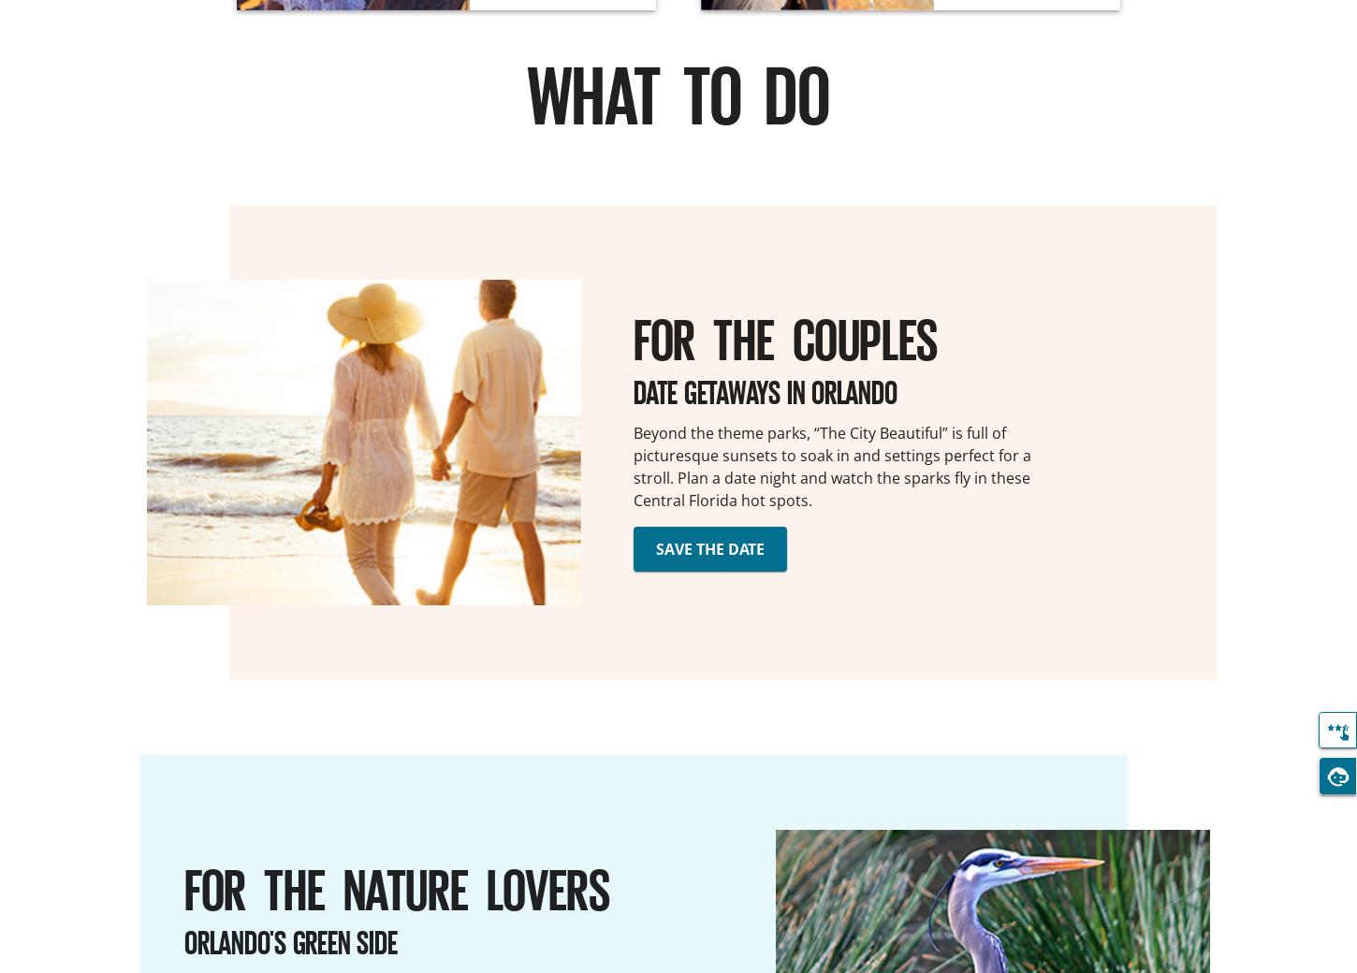 The image size is (1357, 973). What do you see at coordinates (830, 477) in the screenshot?
I see `'stroll. Plan a date night and watch the sparks fly in these'` at bounding box center [830, 477].